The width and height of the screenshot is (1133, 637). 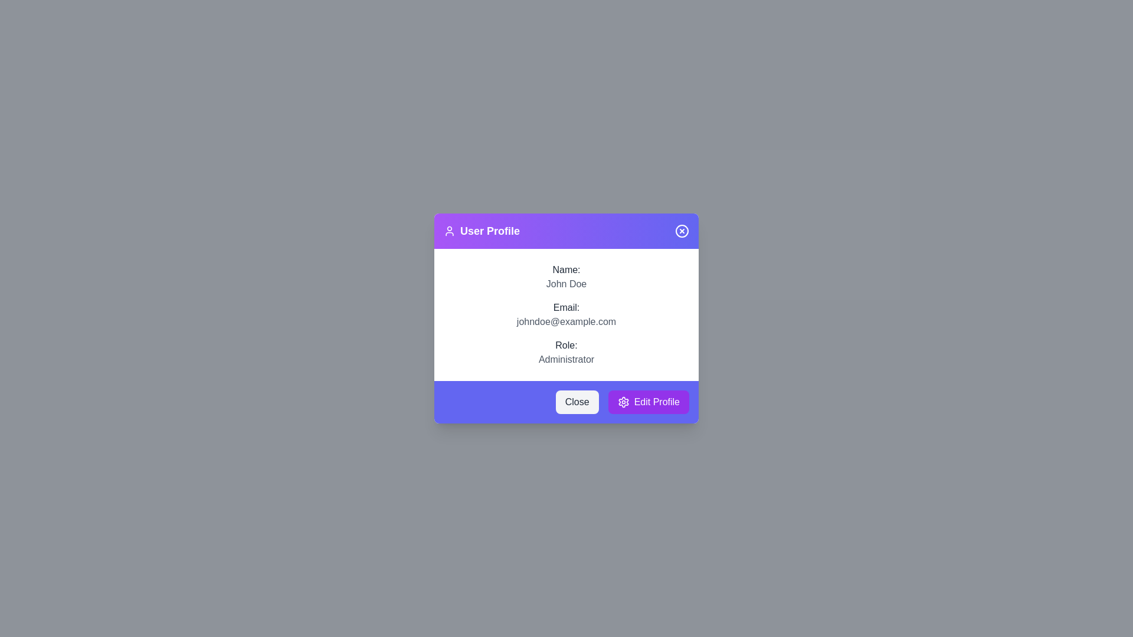 What do you see at coordinates (577, 402) in the screenshot?
I see `the 'Close' button, which has a bold font displaying 'Close' on a gray background, located at the bottom-left corner of the footer section in the modal dialog box` at bounding box center [577, 402].